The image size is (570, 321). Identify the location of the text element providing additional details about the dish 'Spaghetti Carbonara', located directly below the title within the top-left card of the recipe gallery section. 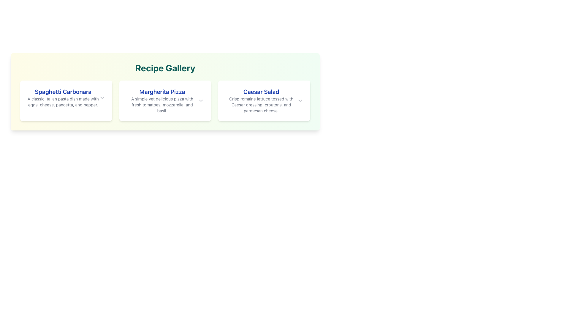
(63, 102).